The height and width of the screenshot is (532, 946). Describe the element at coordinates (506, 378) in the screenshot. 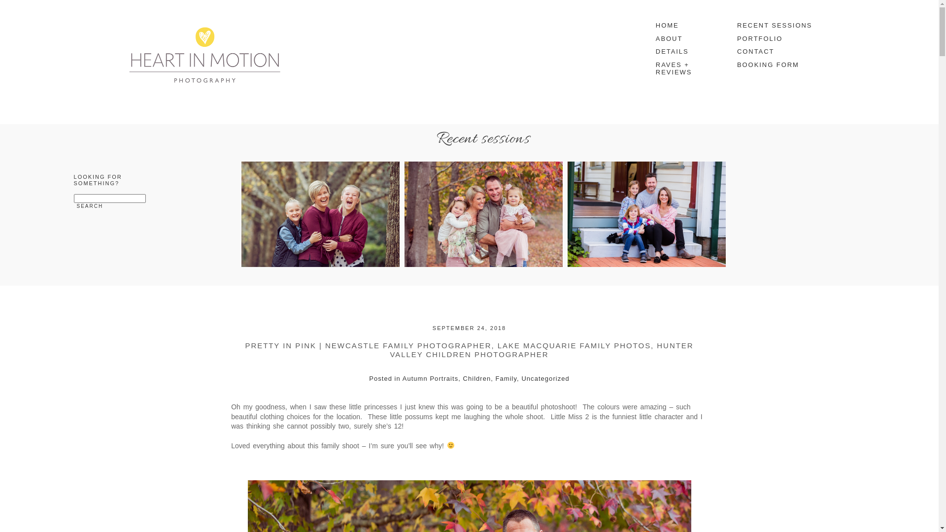

I see `'Family'` at that location.